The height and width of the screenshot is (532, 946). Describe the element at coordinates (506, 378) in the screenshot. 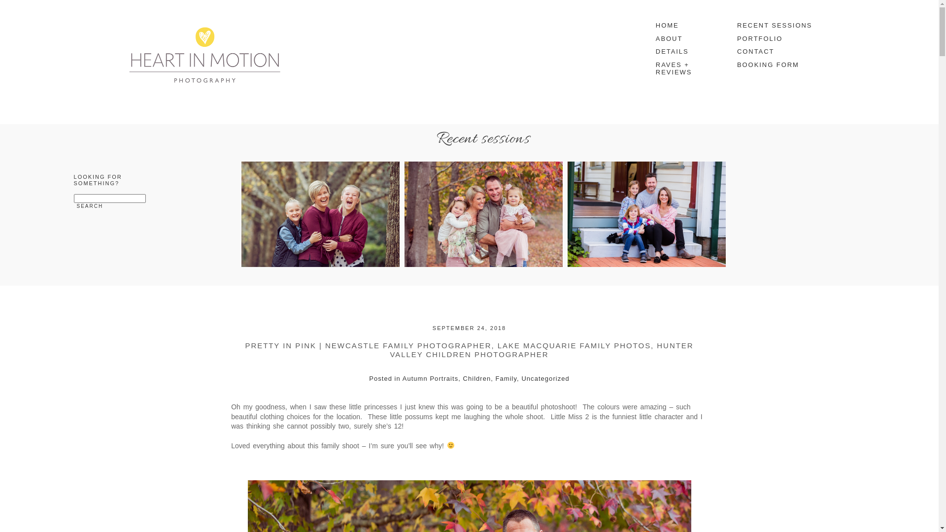

I see `'Family'` at that location.